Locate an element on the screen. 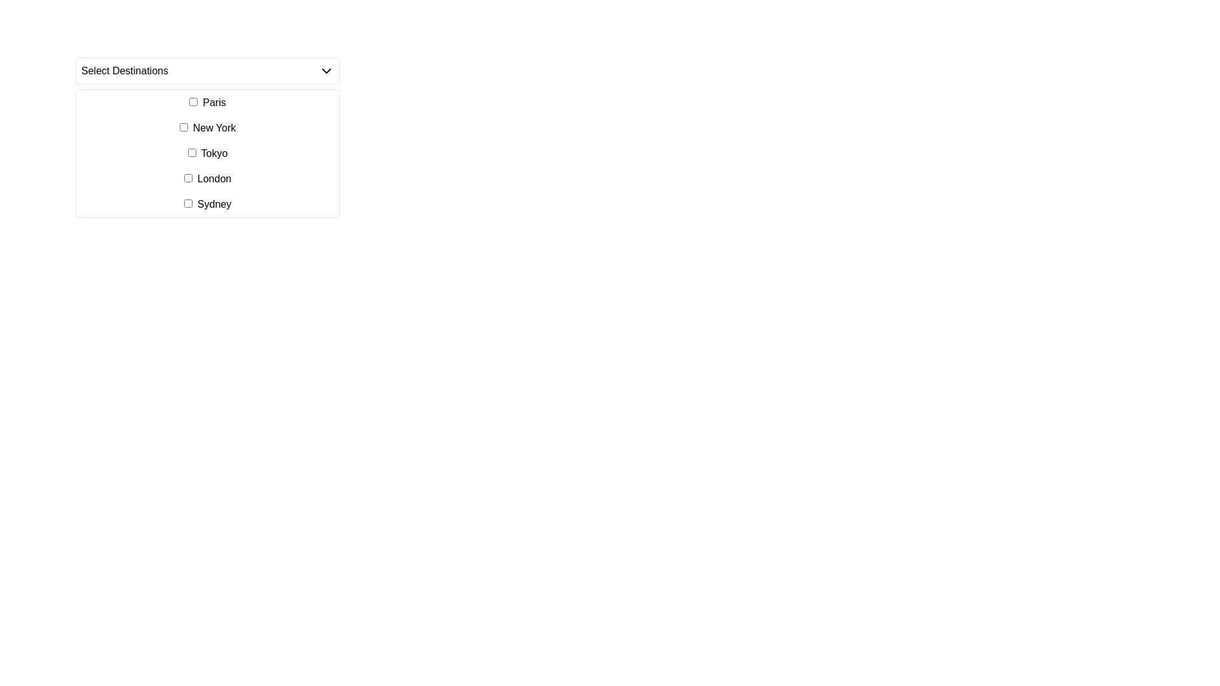  the checkbox for the selectable list item labeled 'London' located under the 'Select Destinations' dropdown is located at coordinates (207, 178).